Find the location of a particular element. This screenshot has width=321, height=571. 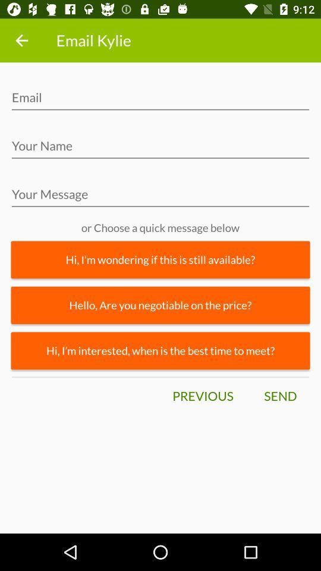

the item above the or choose a icon is located at coordinates (160, 197).